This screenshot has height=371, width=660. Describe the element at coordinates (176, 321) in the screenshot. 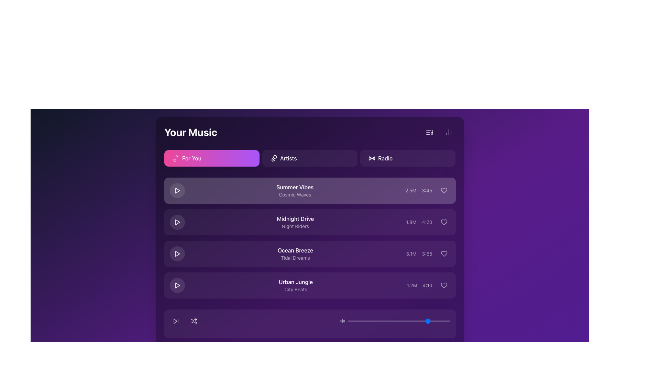

I see `the forward-skip button located at the bottom-left of the vertical list of songs` at that location.